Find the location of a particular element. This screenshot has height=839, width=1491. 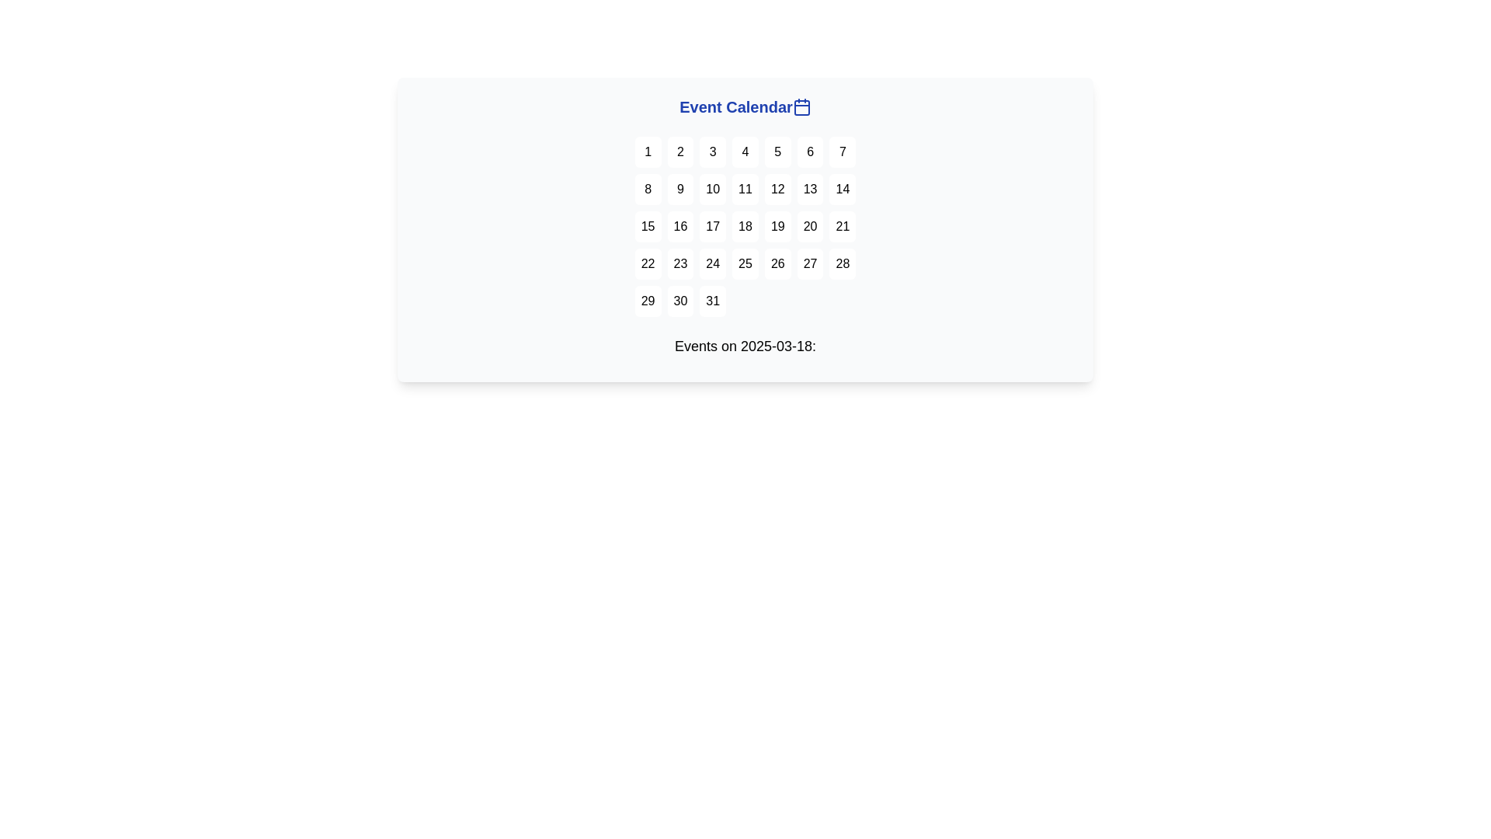

the button representing the first day of the month in the Event Calendar is located at coordinates (648, 152).